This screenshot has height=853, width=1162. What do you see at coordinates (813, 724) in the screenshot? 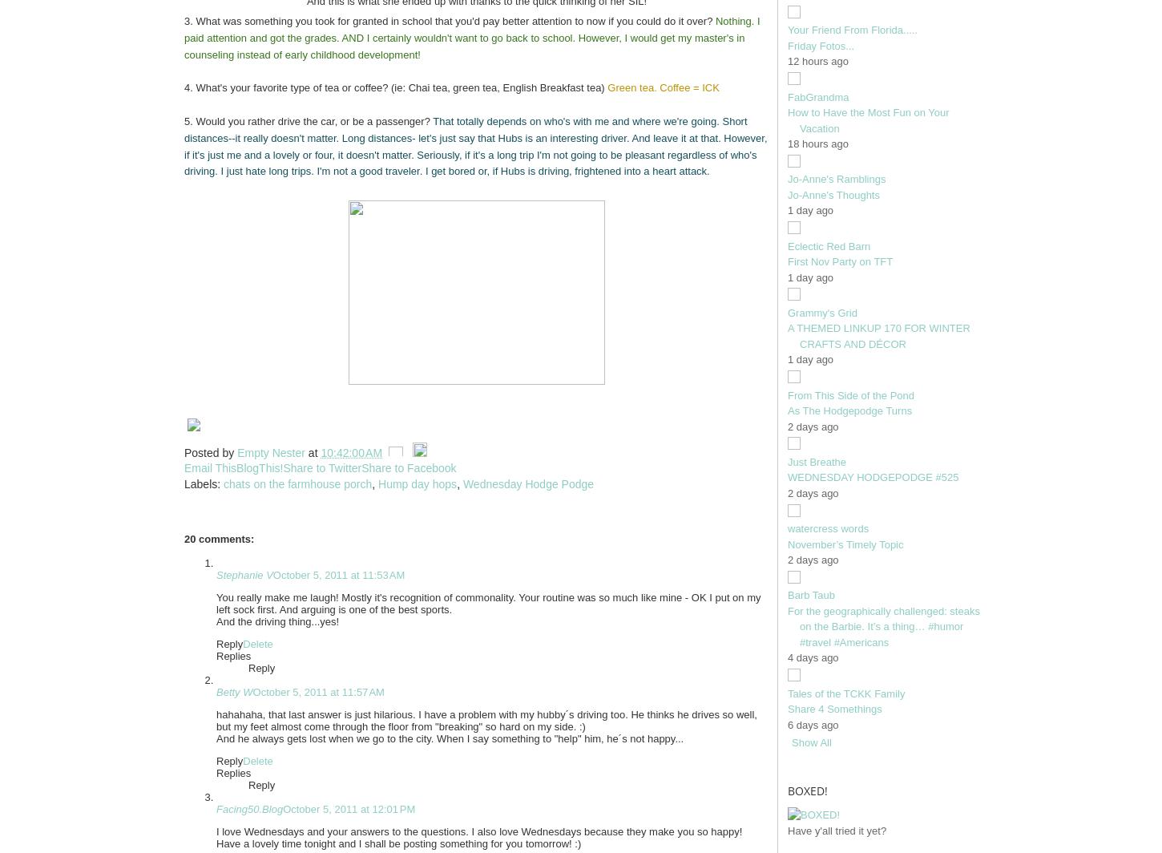
I see `'6 days ago'` at bounding box center [813, 724].